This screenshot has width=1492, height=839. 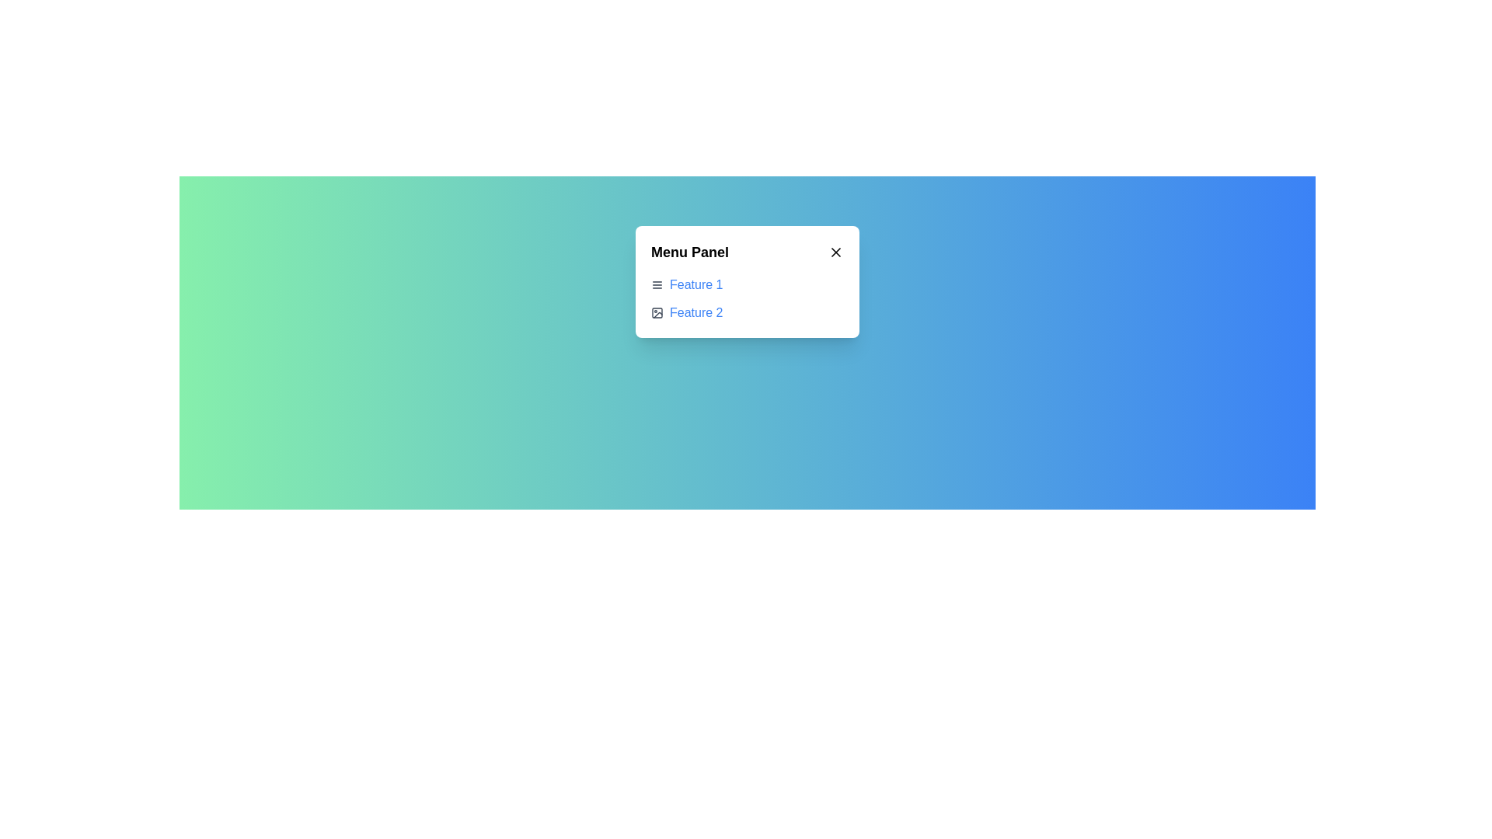 I want to click on the hyperlink labeled 'Feature 1' located in the menu panel under the title 'Menu Panel', so click(x=695, y=284).